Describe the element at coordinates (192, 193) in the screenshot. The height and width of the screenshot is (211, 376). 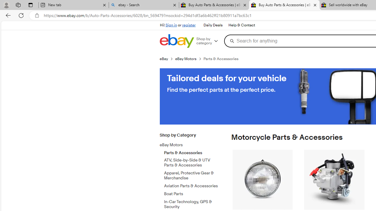
I see `'Boat Parts'` at that location.